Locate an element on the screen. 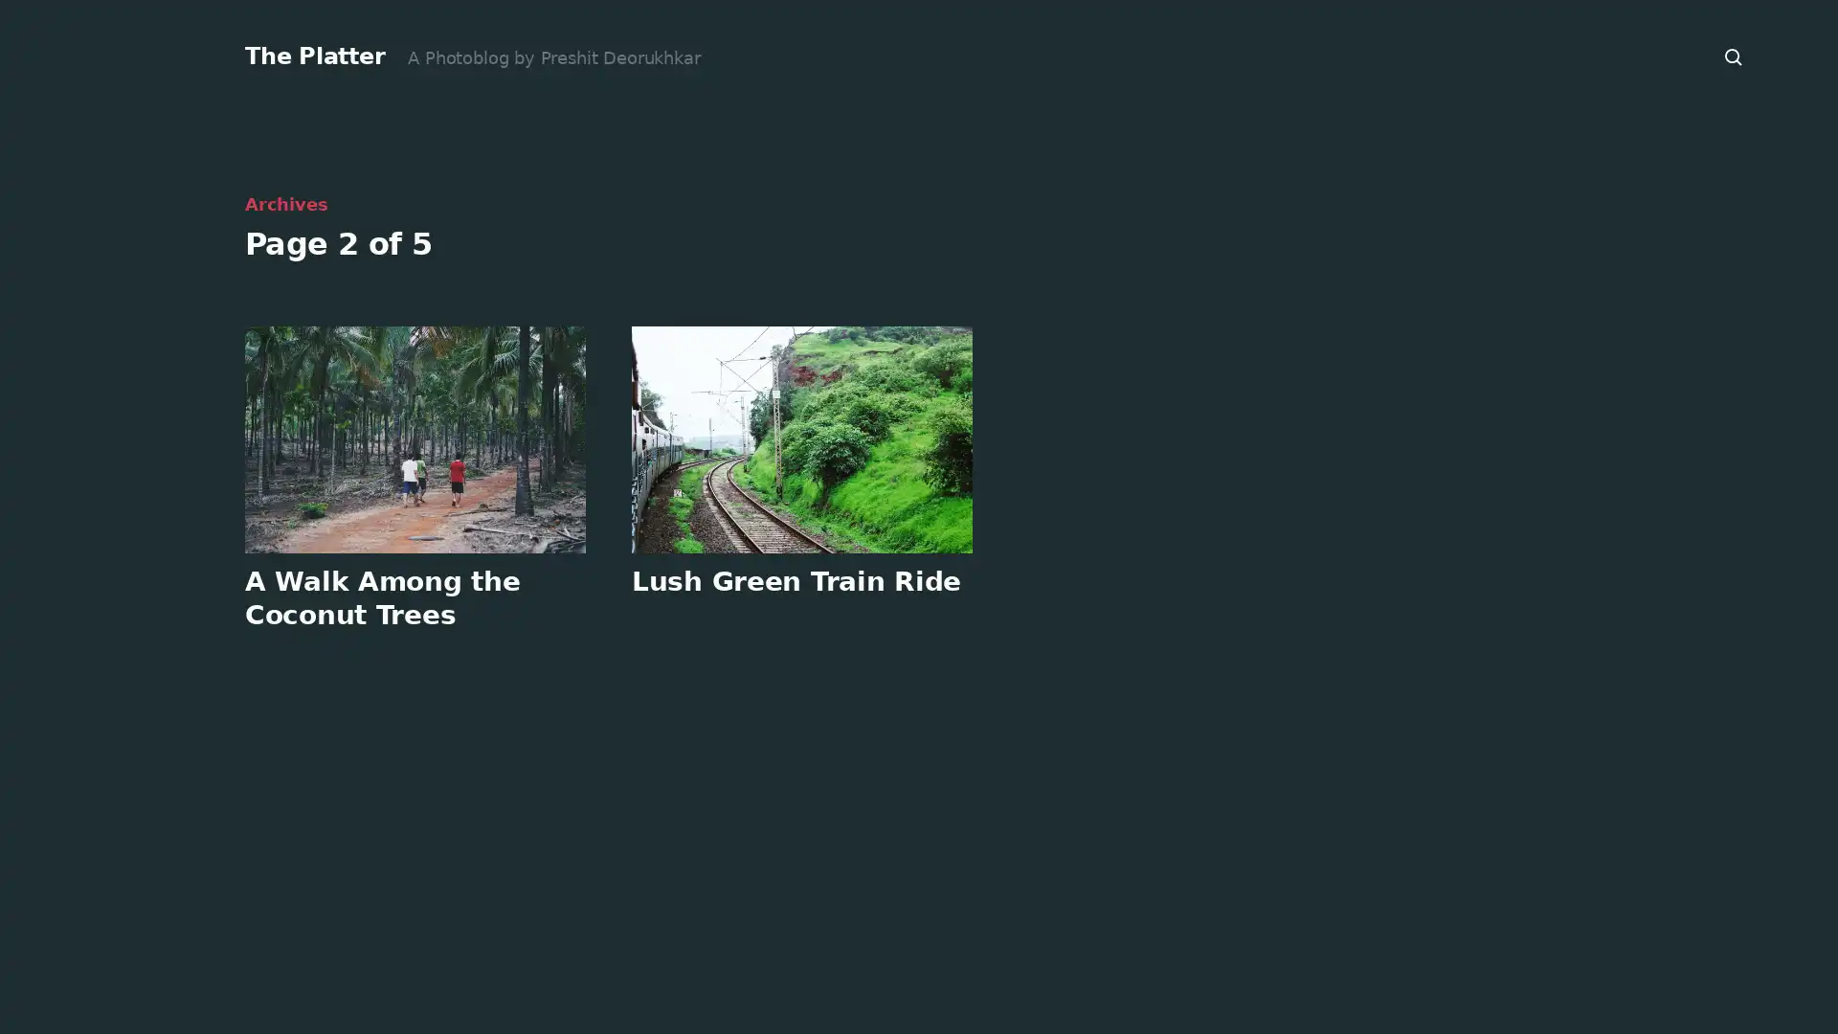  Search is located at coordinates (1734, 56).